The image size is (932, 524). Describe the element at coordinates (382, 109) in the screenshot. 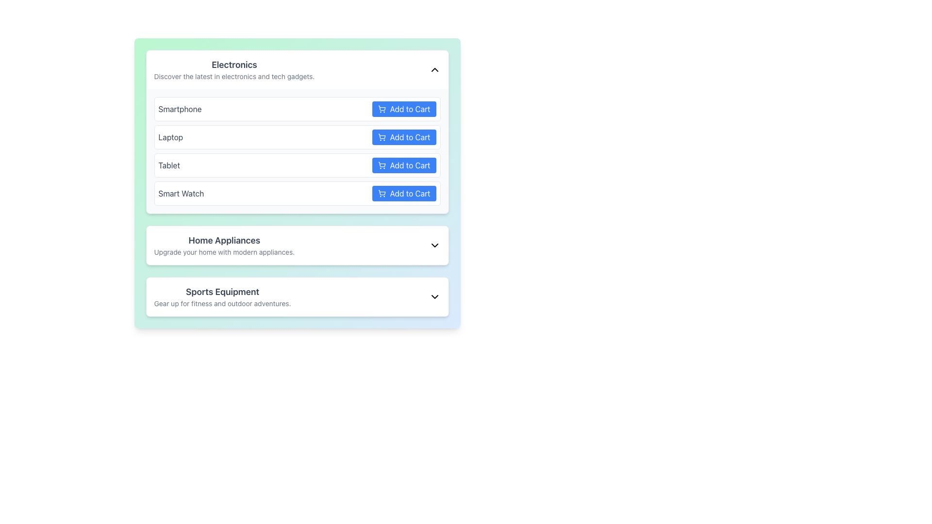

I see `the shopping cart icon, which is a white vector graphic with blue accents, located inside the blue 'Add to Cart' button in the first row of the 'Electronics' section for the 'Smartphone' item` at that location.